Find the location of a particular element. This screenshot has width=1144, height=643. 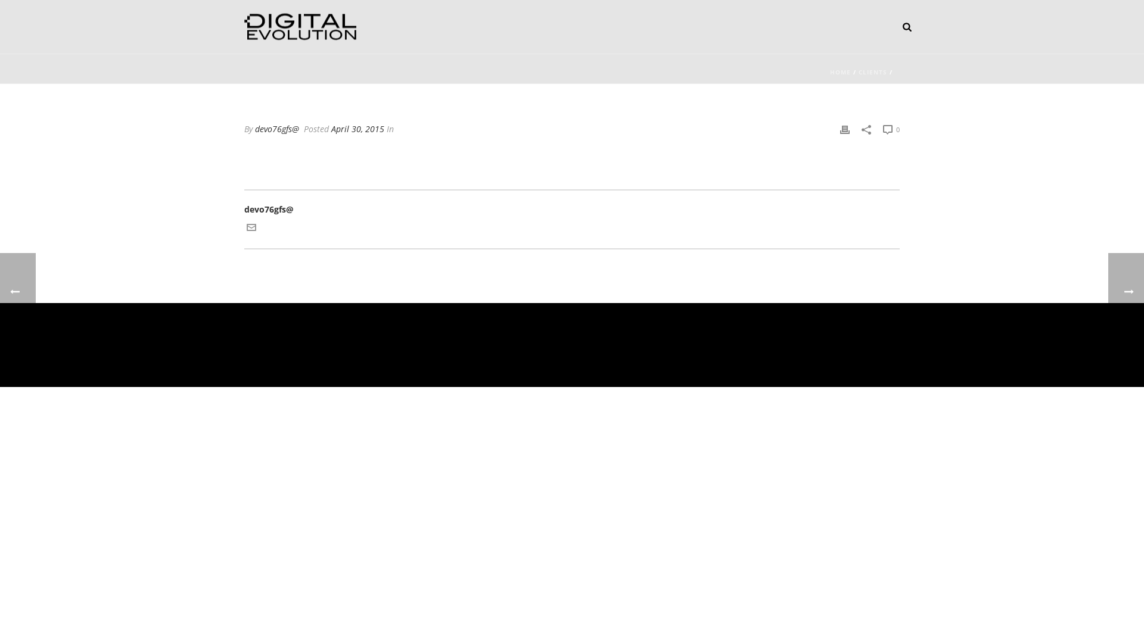

'HOME' is located at coordinates (829, 71).